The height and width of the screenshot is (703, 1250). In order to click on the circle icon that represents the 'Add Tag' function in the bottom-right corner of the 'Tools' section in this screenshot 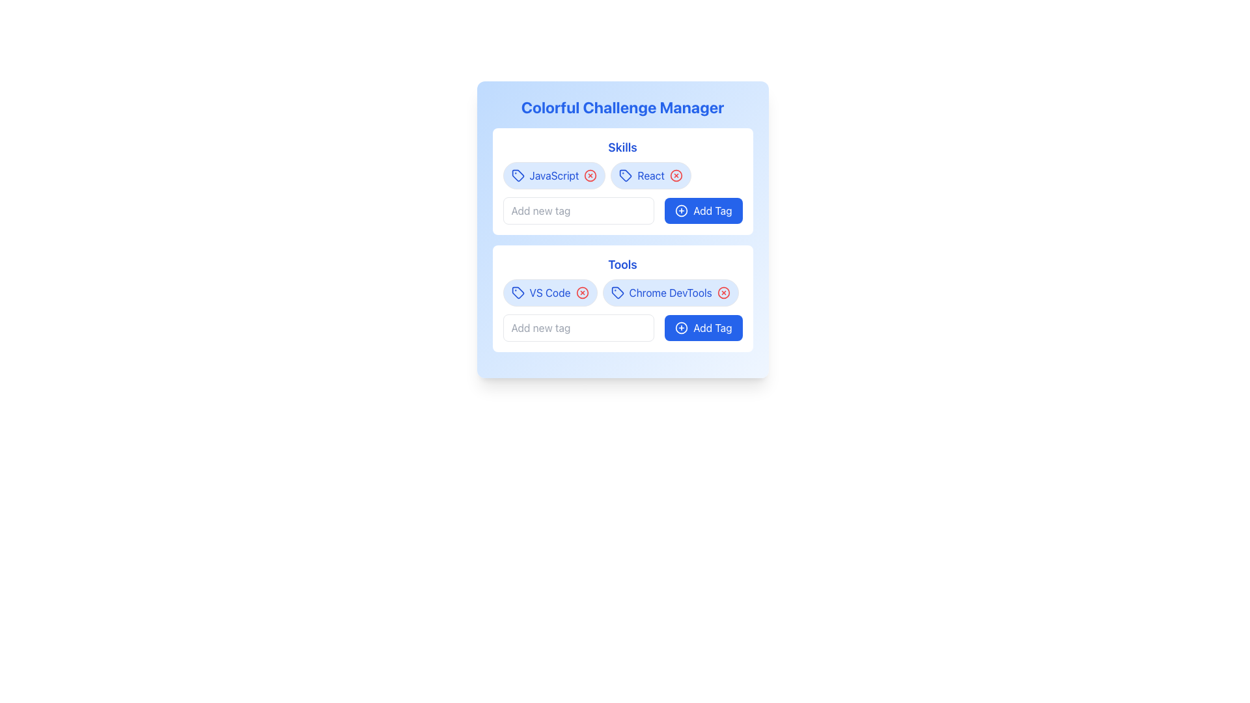, I will do `click(681, 327)`.